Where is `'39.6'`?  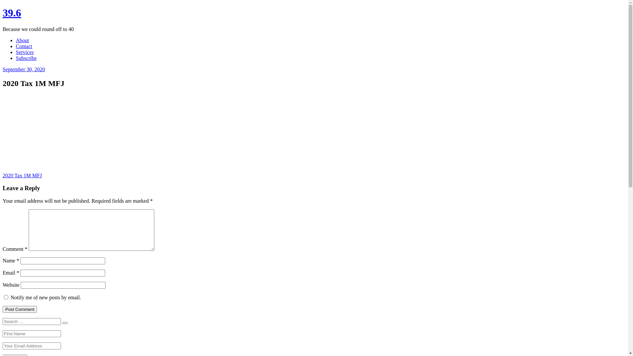
'39.6' is located at coordinates (12, 13).